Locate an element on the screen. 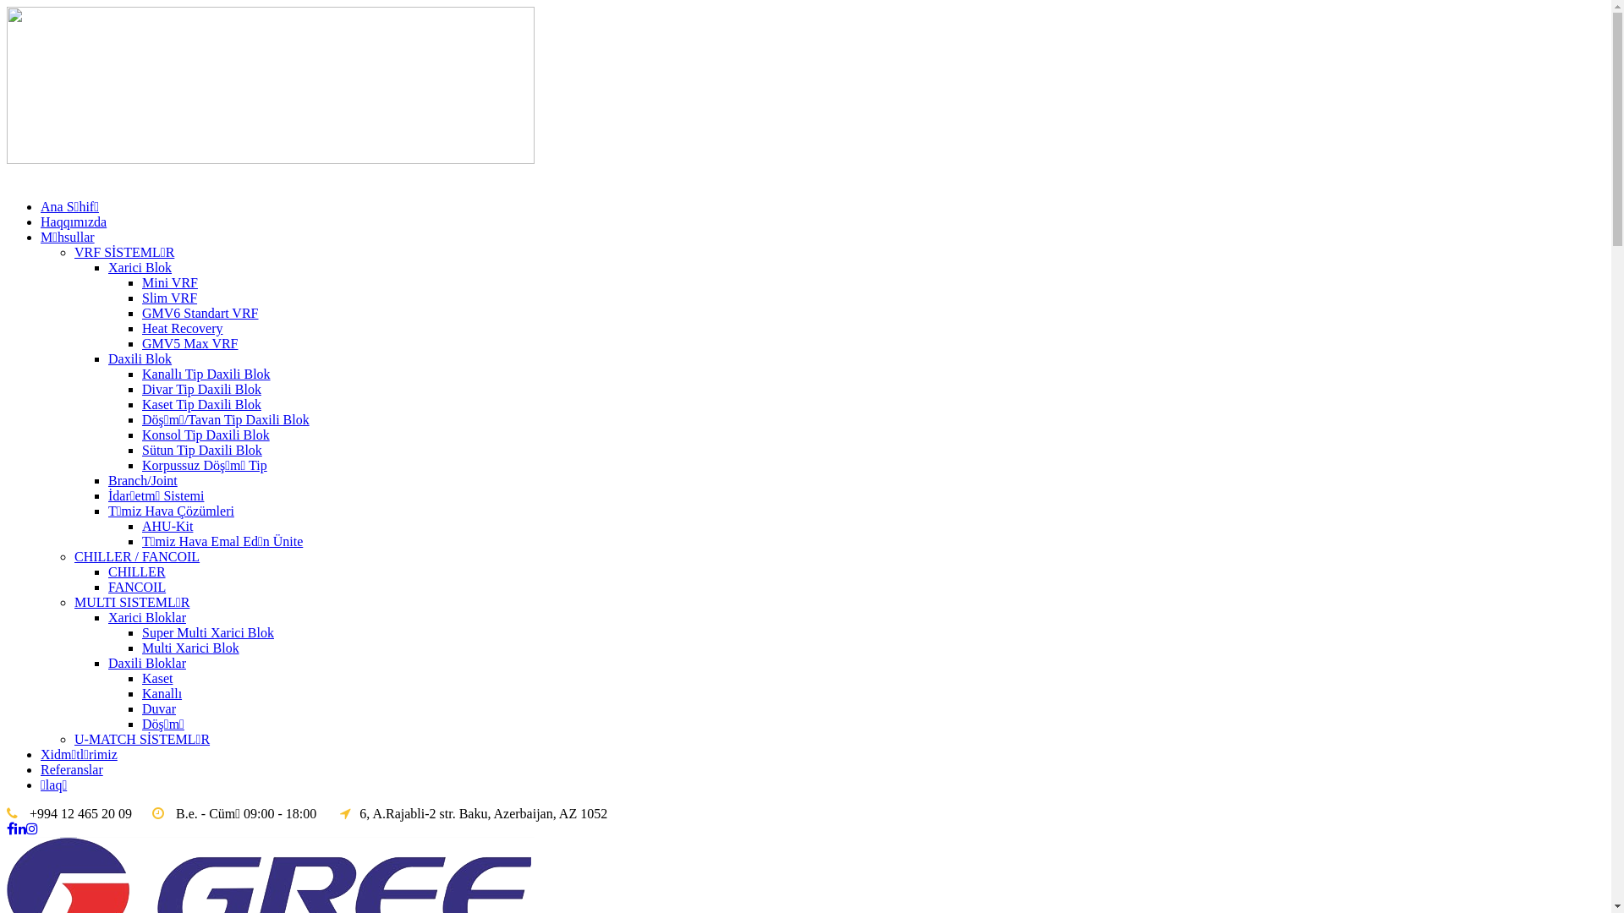 This screenshot has width=1624, height=913. 'CHILLER / FANCOIL' is located at coordinates (73, 556).